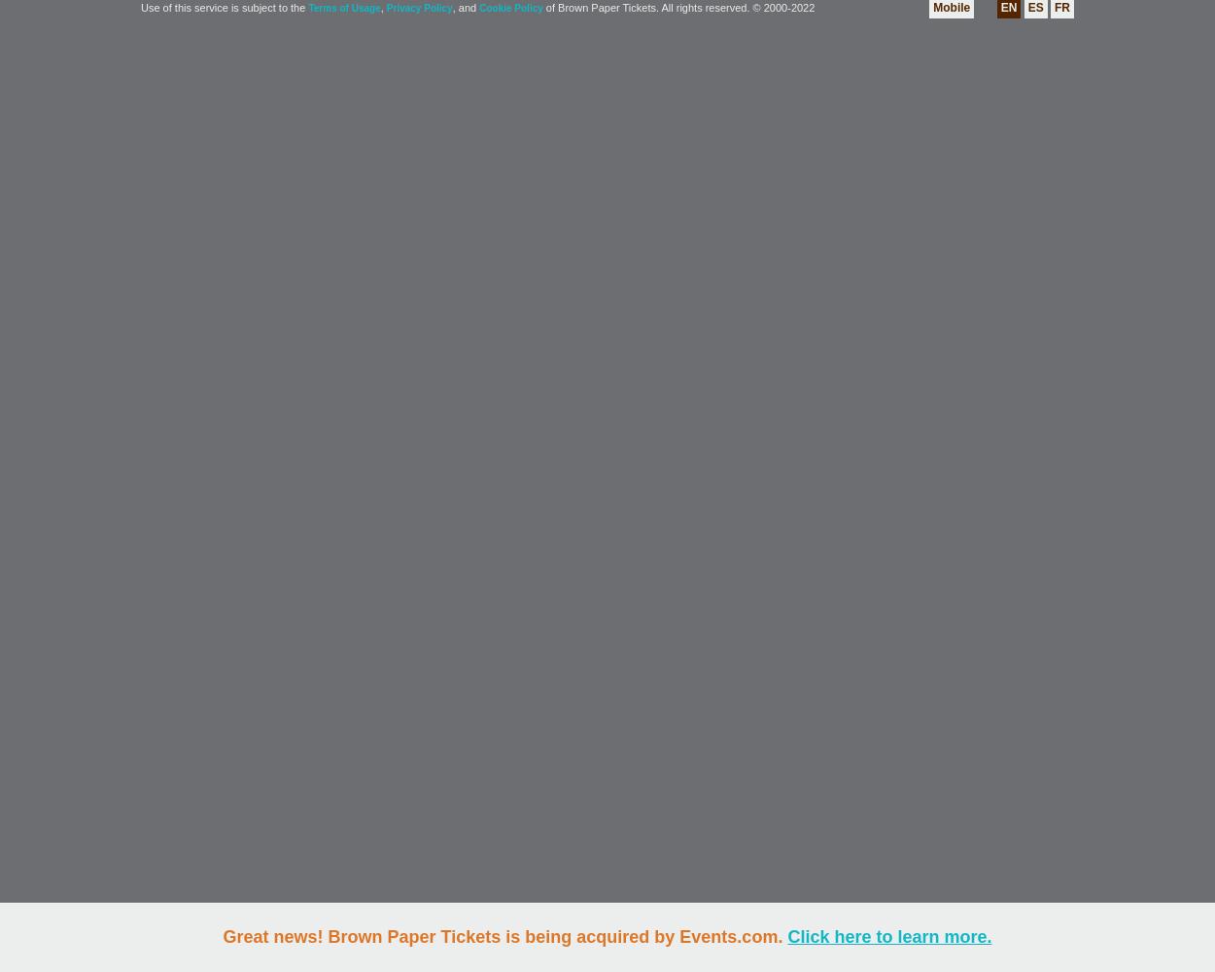  Describe the element at coordinates (510, 8) in the screenshot. I see `'Cookie Policy'` at that location.